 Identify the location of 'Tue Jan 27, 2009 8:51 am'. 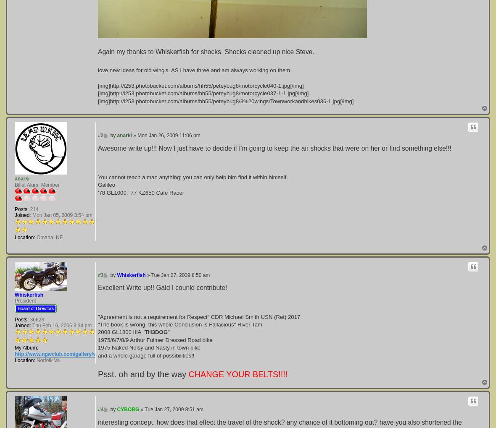
(173, 409).